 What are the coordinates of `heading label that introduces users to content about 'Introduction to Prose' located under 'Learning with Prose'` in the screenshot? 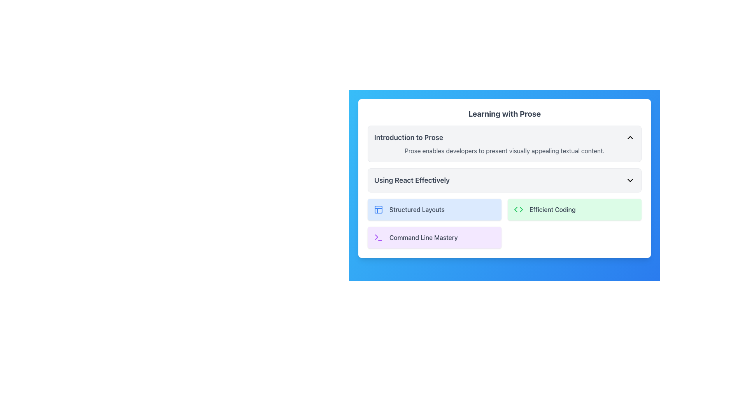 It's located at (408, 137).